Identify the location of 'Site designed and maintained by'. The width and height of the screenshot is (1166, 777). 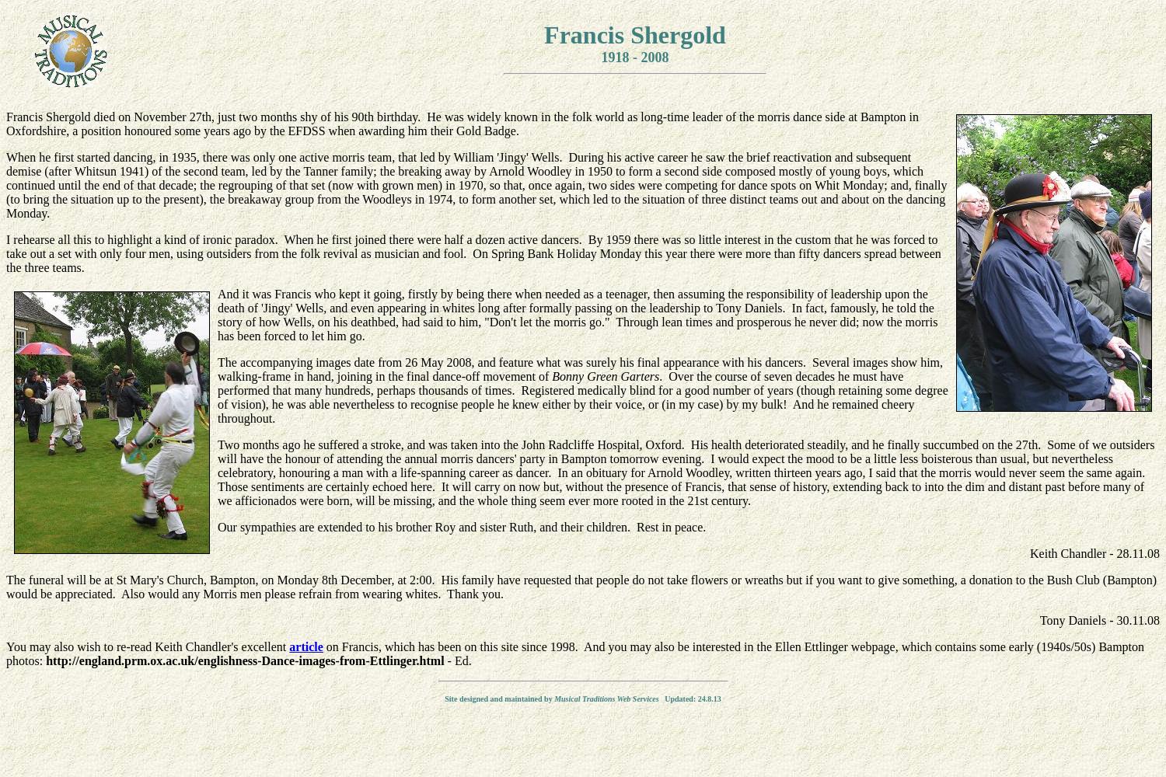
(443, 699).